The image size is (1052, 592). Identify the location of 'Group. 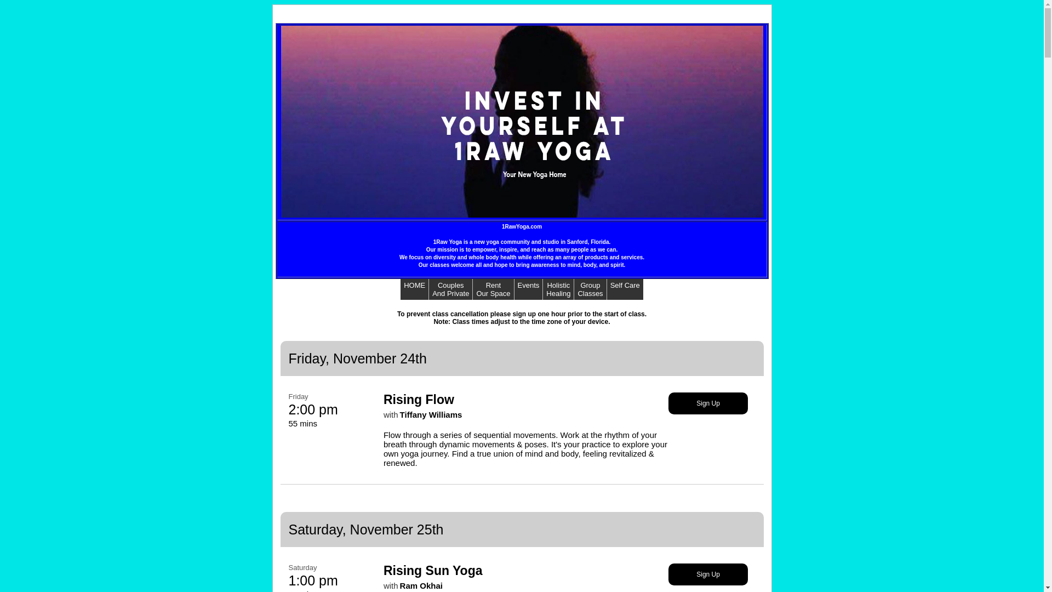
(573, 289).